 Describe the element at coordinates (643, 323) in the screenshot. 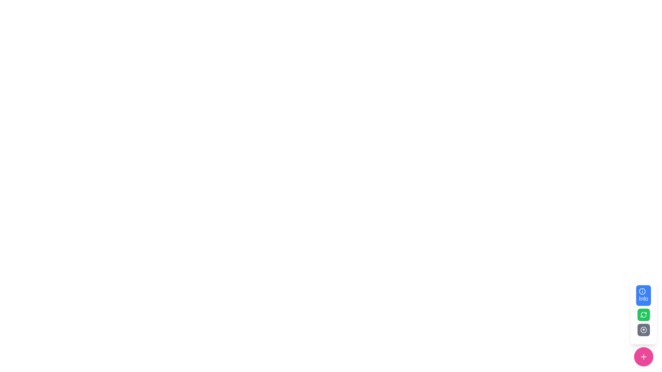

I see `the scroll-to-top button located in the bottom-right corner of the interface, which is the third item in the vertical stack, to interact with its hover state` at that location.